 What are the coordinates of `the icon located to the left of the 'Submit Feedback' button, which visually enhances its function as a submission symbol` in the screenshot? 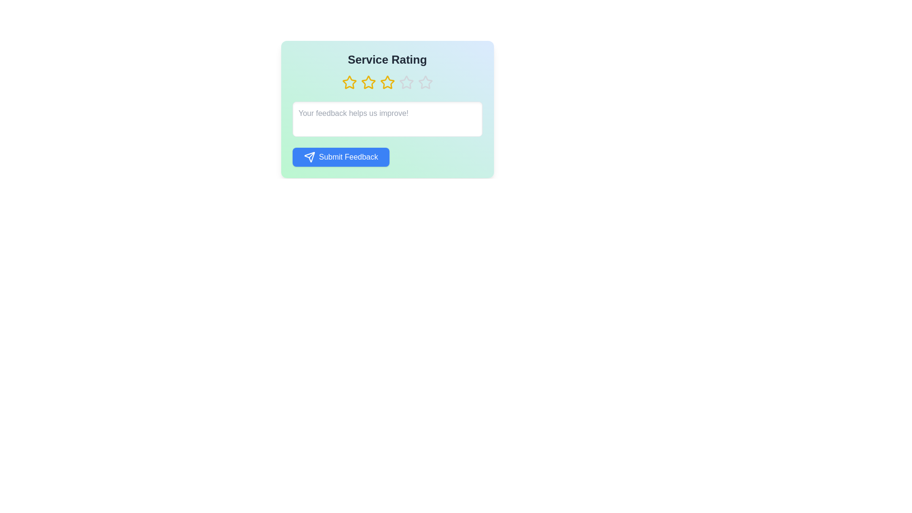 It's located at (309, 157).